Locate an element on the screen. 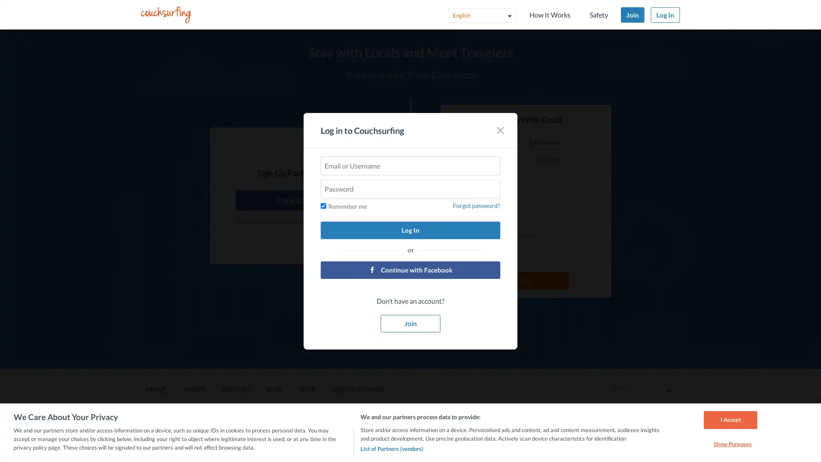  Show Purposes is located at coordinates (730, 443).